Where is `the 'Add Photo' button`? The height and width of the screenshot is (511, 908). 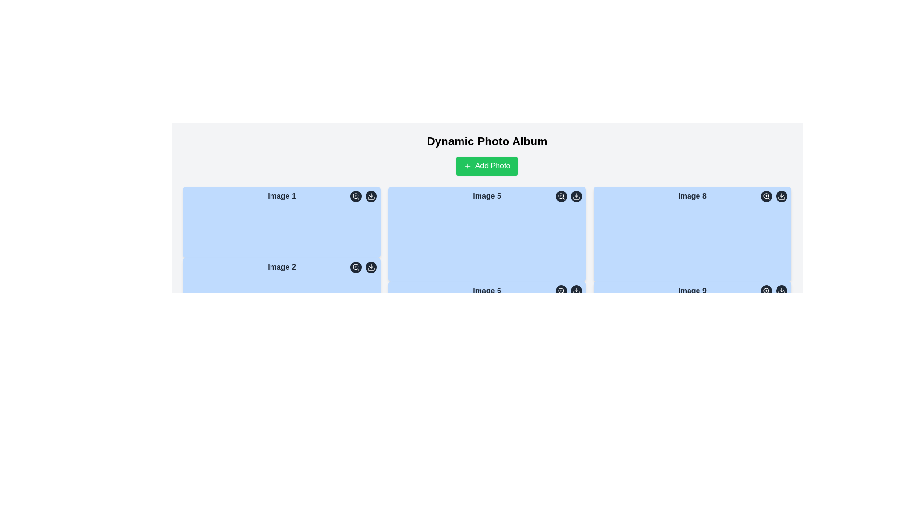 the 'Add Photo' button is located at coordinates (487, 166).